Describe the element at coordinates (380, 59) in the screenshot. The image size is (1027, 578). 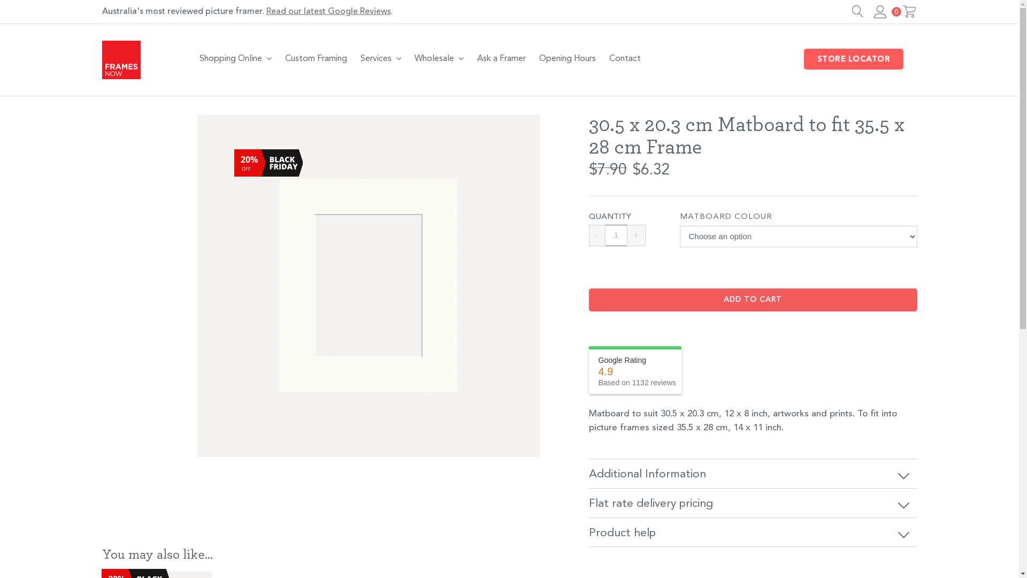
I see `'Services'` at that location.